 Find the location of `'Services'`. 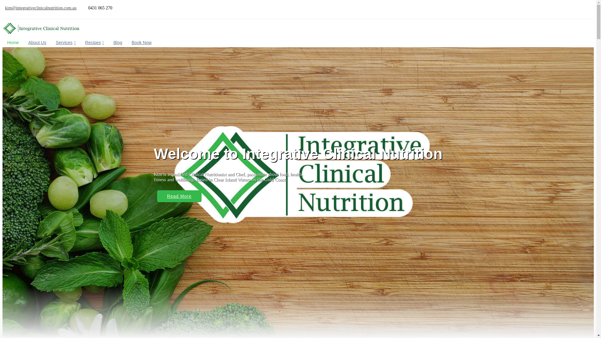

'Services' is located at coordinates (66, 42).